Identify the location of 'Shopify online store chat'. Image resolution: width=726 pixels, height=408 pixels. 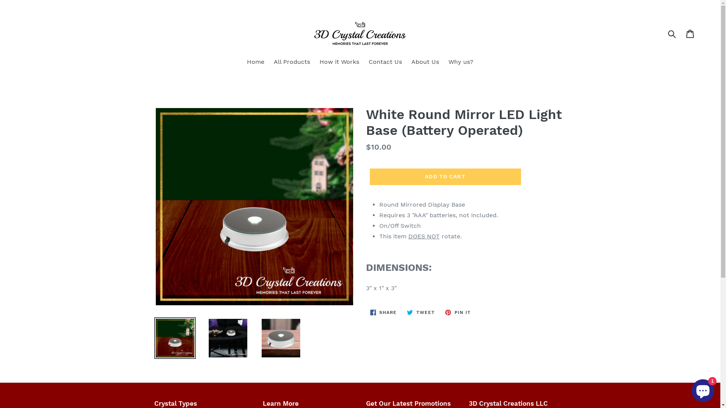
(702, 389).